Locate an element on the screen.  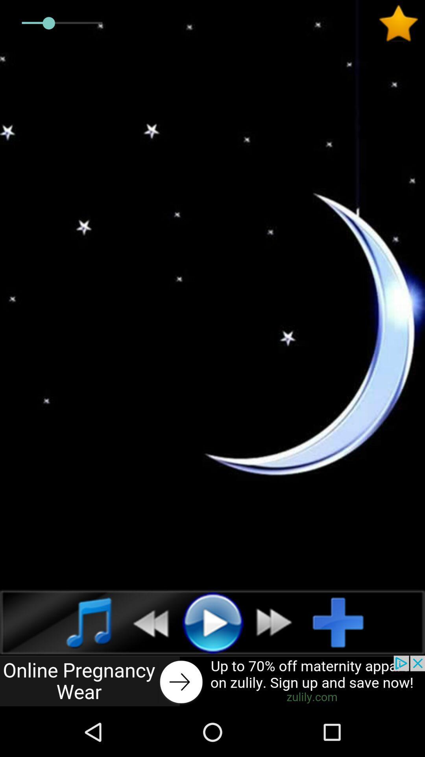
music is located at coordinates (80, 622).